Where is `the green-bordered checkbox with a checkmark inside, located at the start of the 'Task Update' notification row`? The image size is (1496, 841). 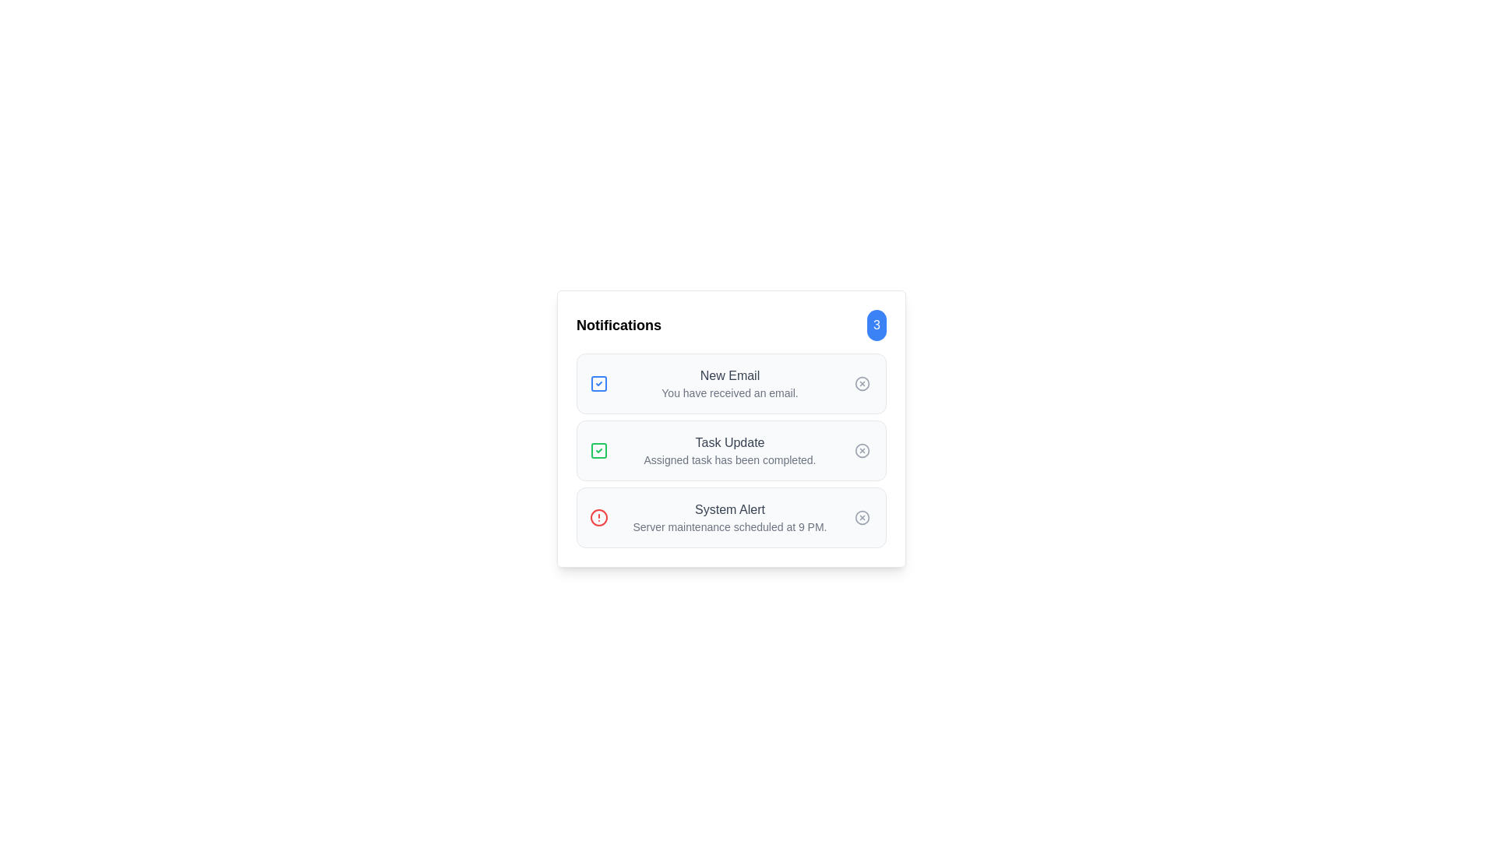 the green-bordered checkbox with a checkmark inside, located at the start of the 'Task Update' notification row is located at coordinates (598, 450).